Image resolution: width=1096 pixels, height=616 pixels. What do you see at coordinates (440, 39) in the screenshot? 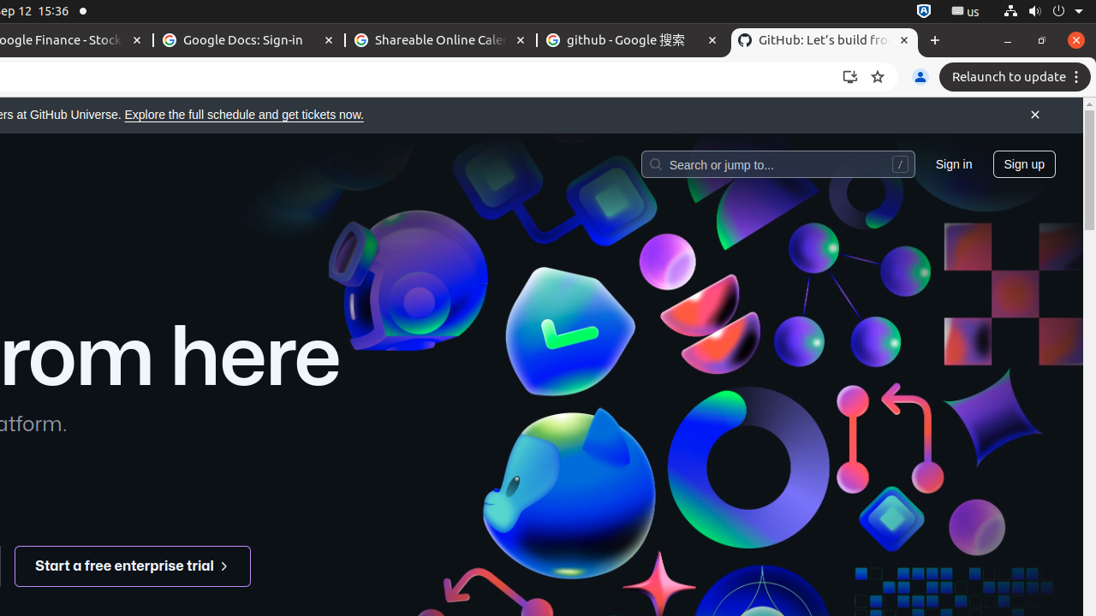
I see `'Shareable Online Calendar and Scheduling - Google Calendar - Memory usage - 88.4 MB'` at bounding box center [440, 39].